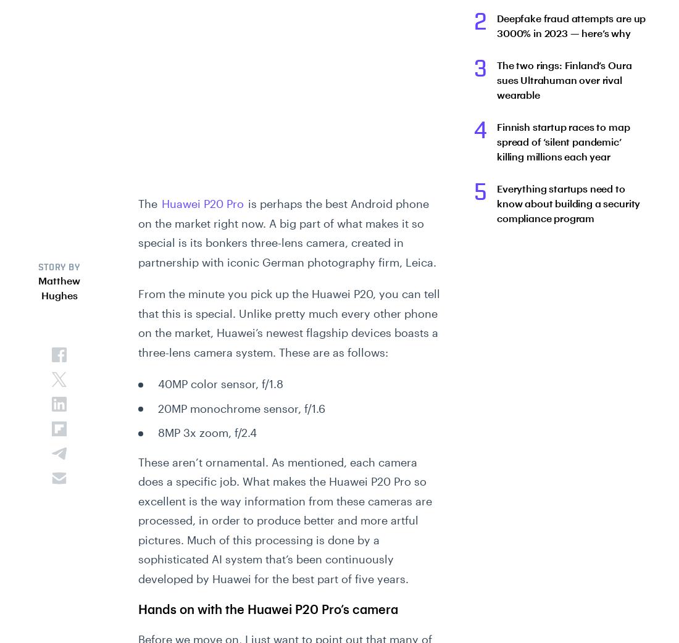  Describe the element at coordinates (59, 288) in the screenshot. I see `'Matthew Hughes'` at that location.